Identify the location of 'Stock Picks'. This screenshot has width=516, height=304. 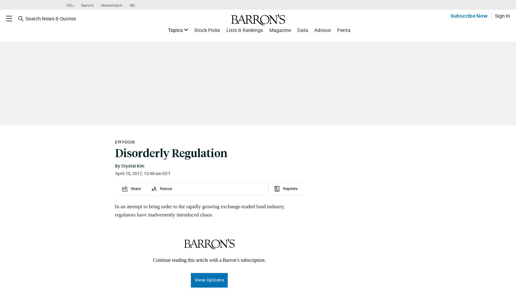
(207, 30).